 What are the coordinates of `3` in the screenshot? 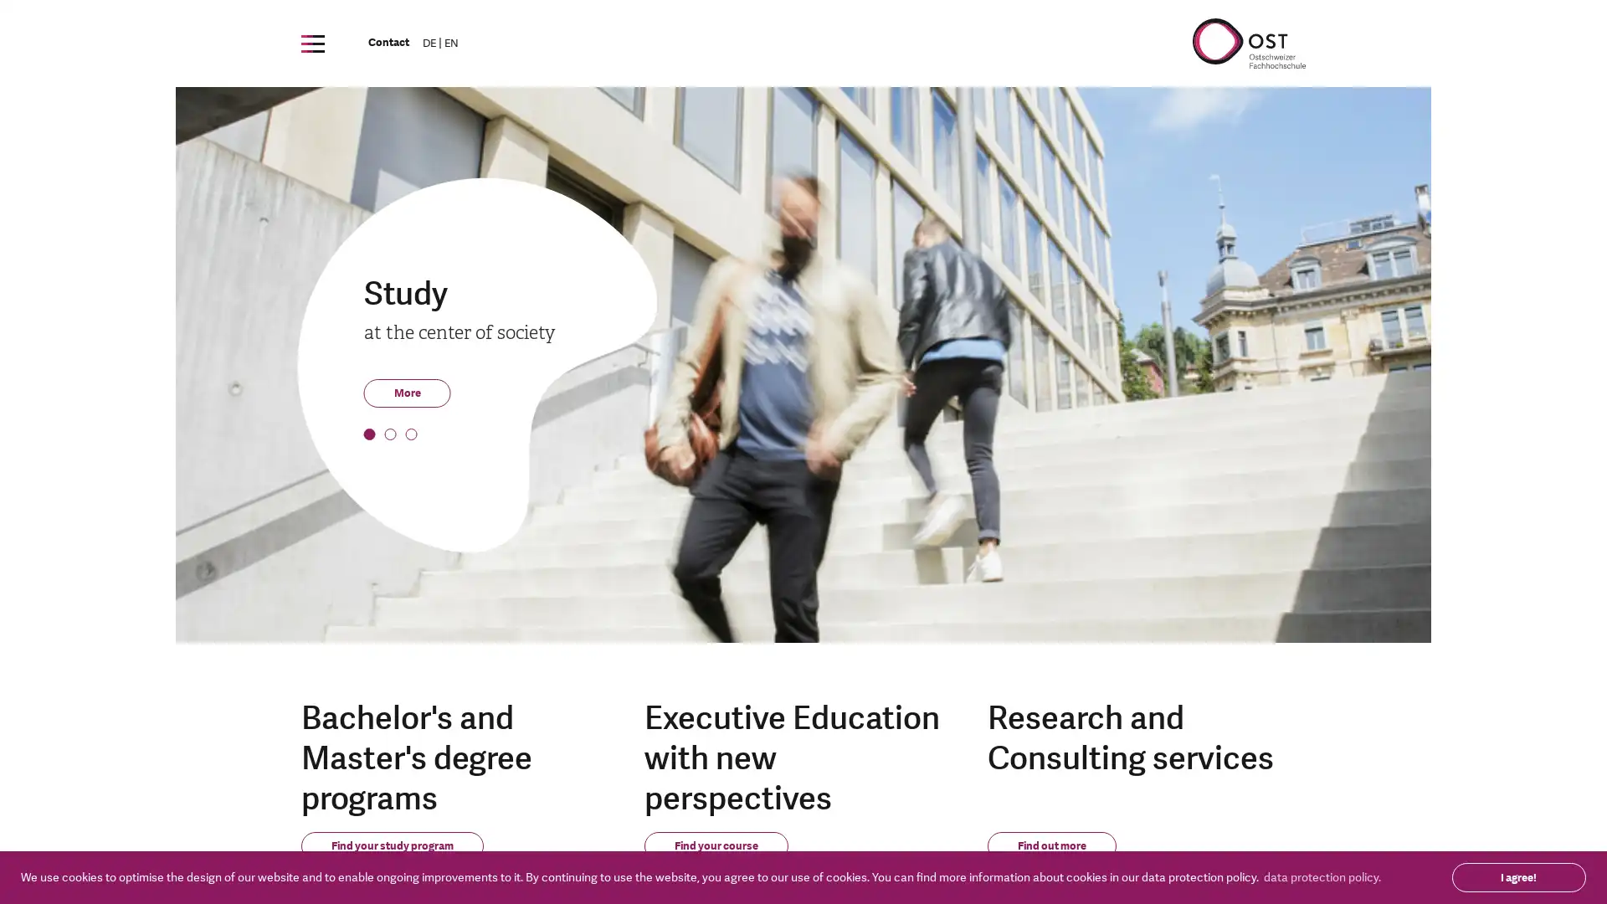 It's located at (415, 489).